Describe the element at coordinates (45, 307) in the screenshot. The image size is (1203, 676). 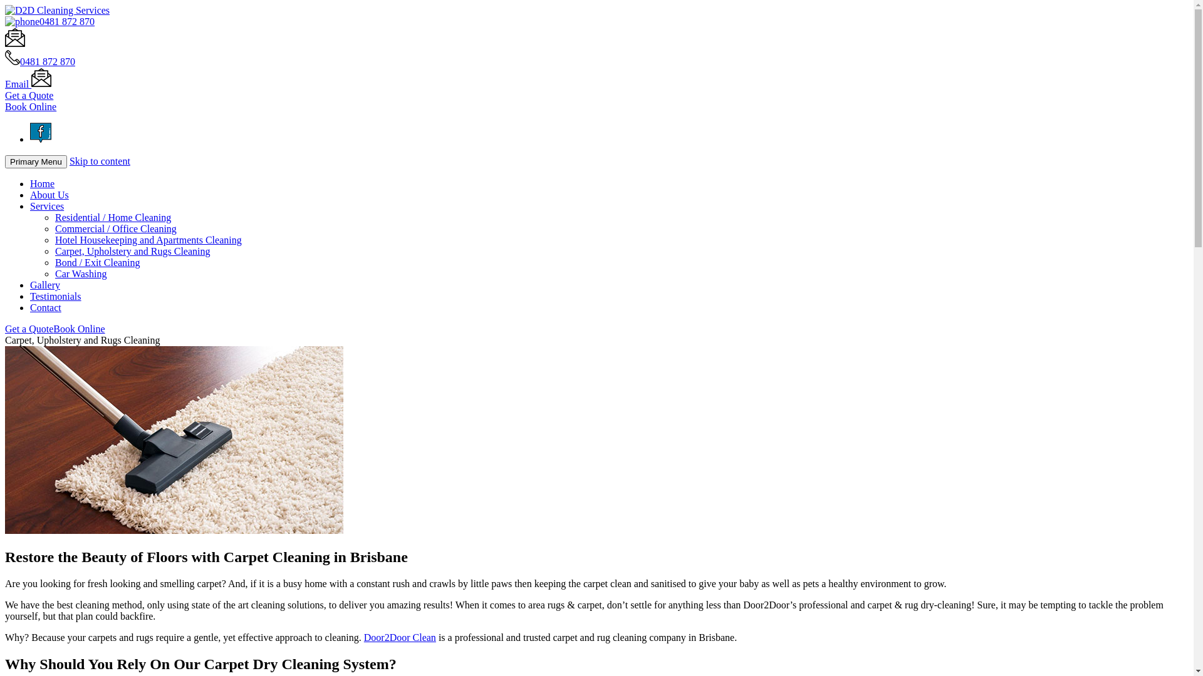
I see `'Contact'` at that location.